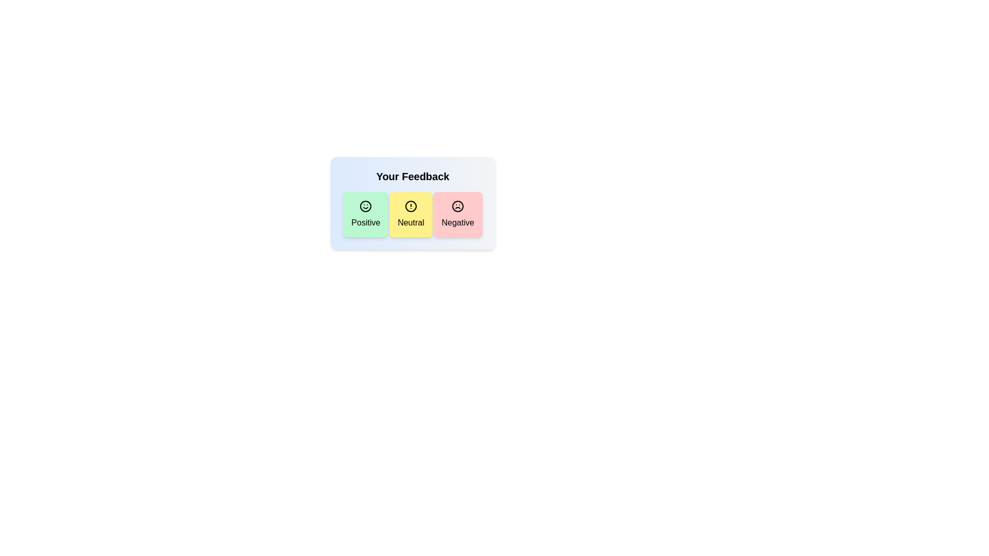 The width and height of the screenshot is (989, 556). Describe the element at coordinates (366, 206) in the screenshot. I see `the Circle element that represents the 'Positive' feedback option in the feedback selection interface` at that location.